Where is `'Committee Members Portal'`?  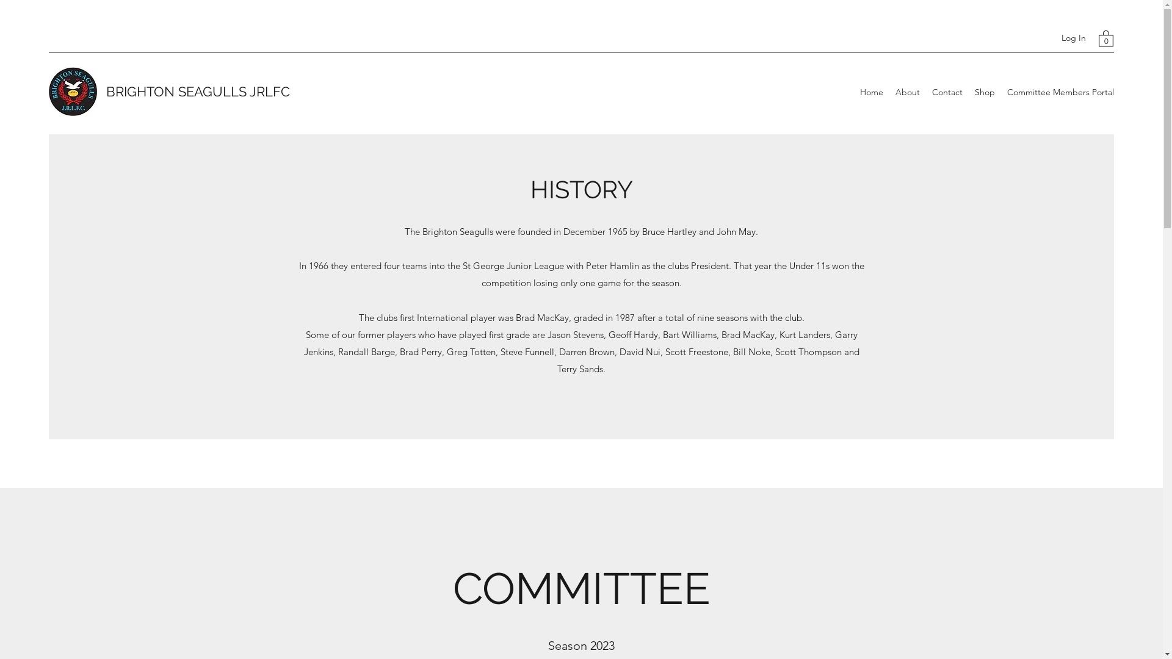
'Committee Members Portal' is located at coordinates (1060, 91).